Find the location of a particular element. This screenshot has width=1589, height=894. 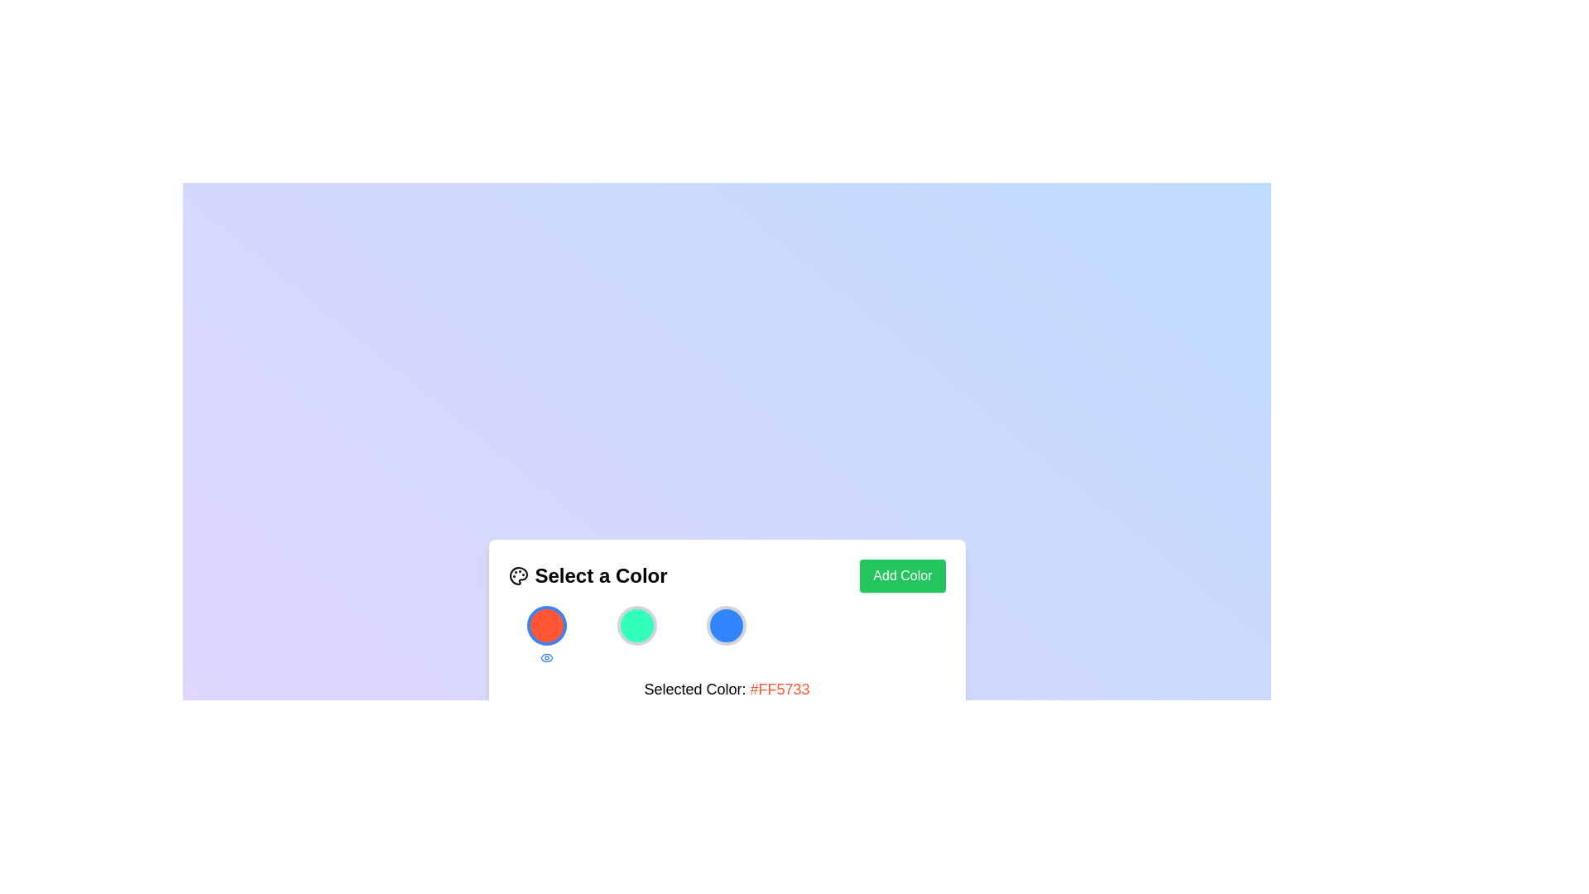

the text displaying the selected color value, specifically the colored part of the text that reads 'Selected Color: #FF5733' is located at coordinates (779, 689).